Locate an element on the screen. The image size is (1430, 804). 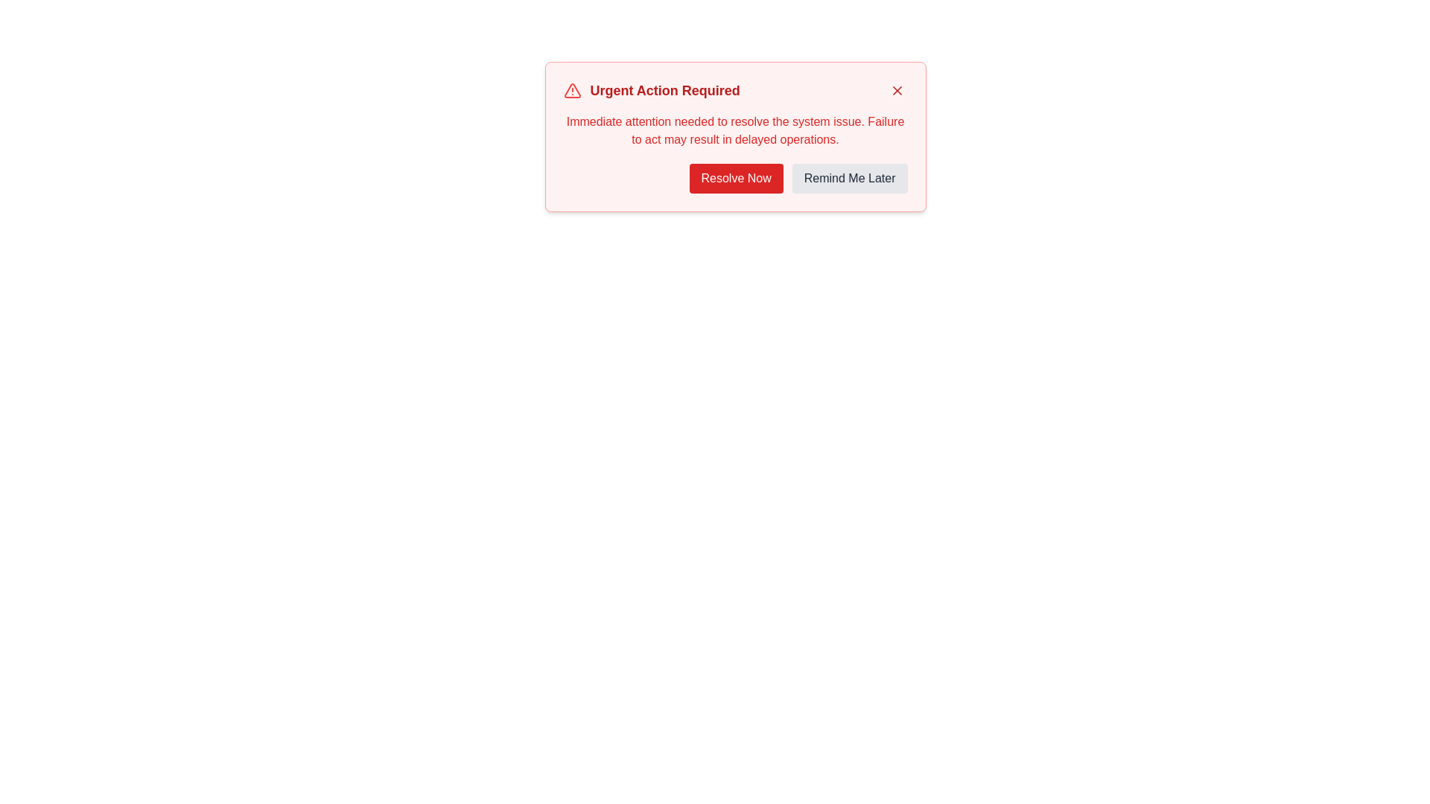
the close icon button located in the top-right corner of the alert box titled 'Urgent Action Required' is located at coordinates (896, 91).